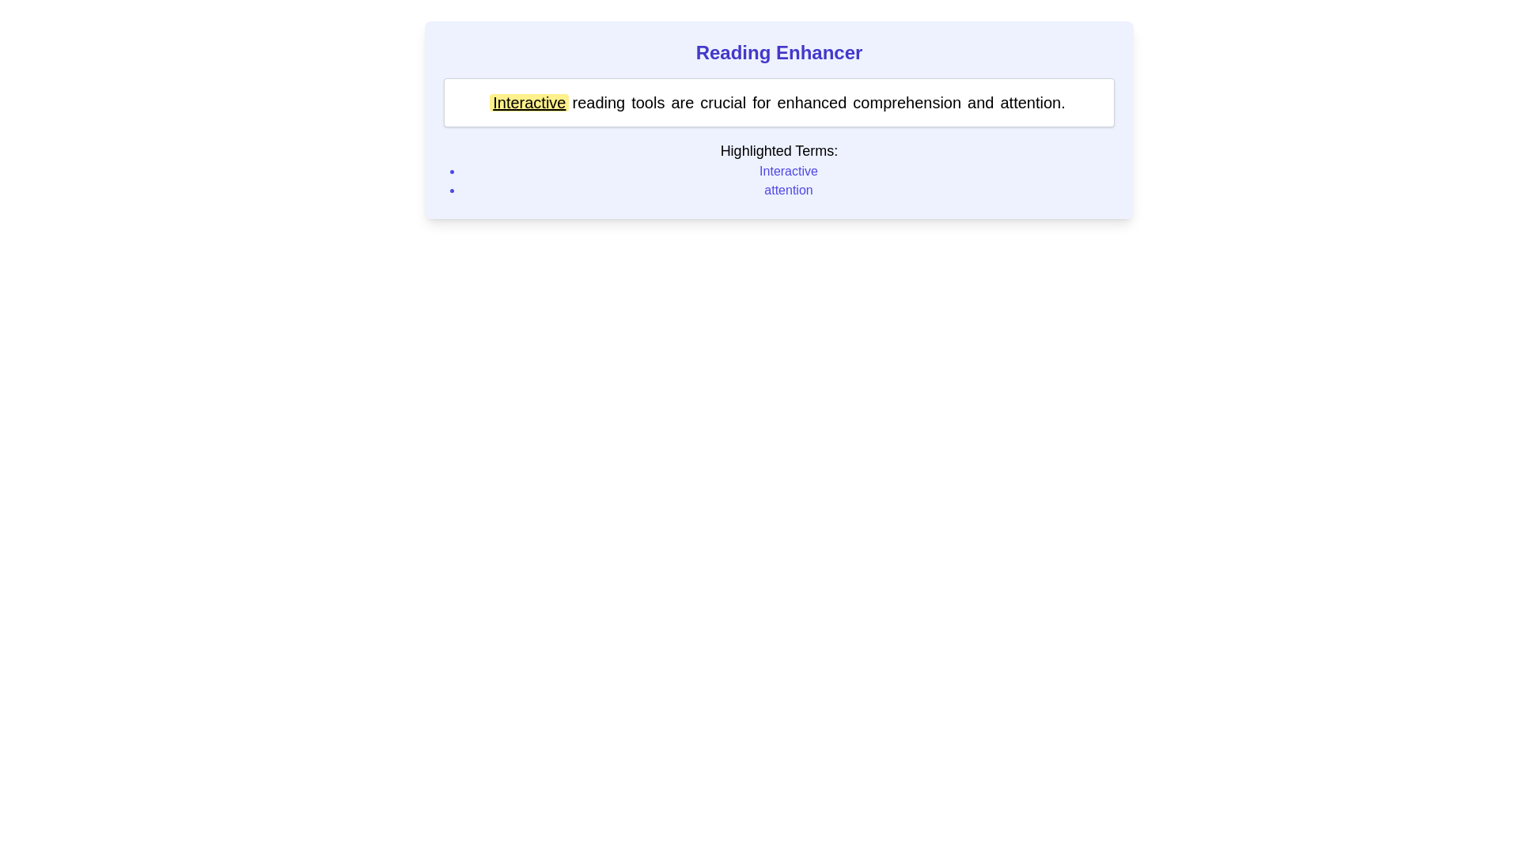 The image size is (1519, 854). Describe the element at coordinates (682, 103) in the screenshot. I see `text fragment that contains the word 'are', which is the fourth word in the sentence starting with 'Interactive' and ending with 'attention.', located centrally near the top section of the interface` at that location.